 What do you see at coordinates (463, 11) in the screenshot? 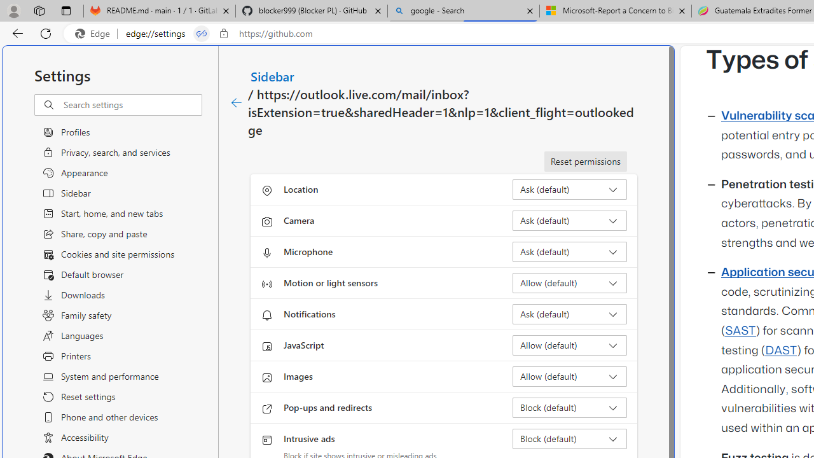
I see `'google - Search'` at bounding box center [463, 11].